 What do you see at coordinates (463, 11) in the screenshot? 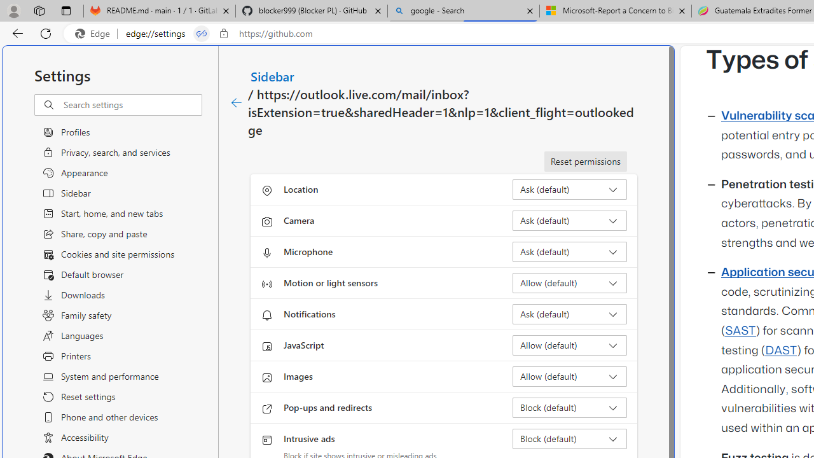
I see `'google - Search'` at bounding box center [463, 11].